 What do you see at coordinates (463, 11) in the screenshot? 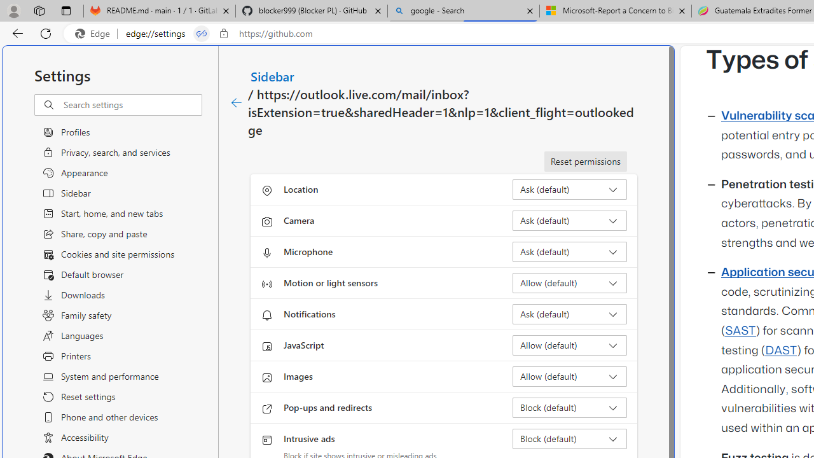
I see `'google - Search'` at bounding box center [463, 11].